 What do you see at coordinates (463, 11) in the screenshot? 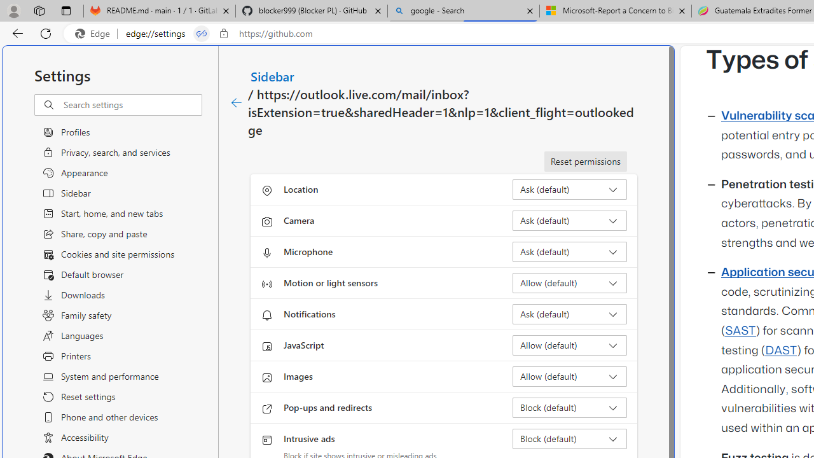
I see `'google - Search'` at bounding box center [463, 11].